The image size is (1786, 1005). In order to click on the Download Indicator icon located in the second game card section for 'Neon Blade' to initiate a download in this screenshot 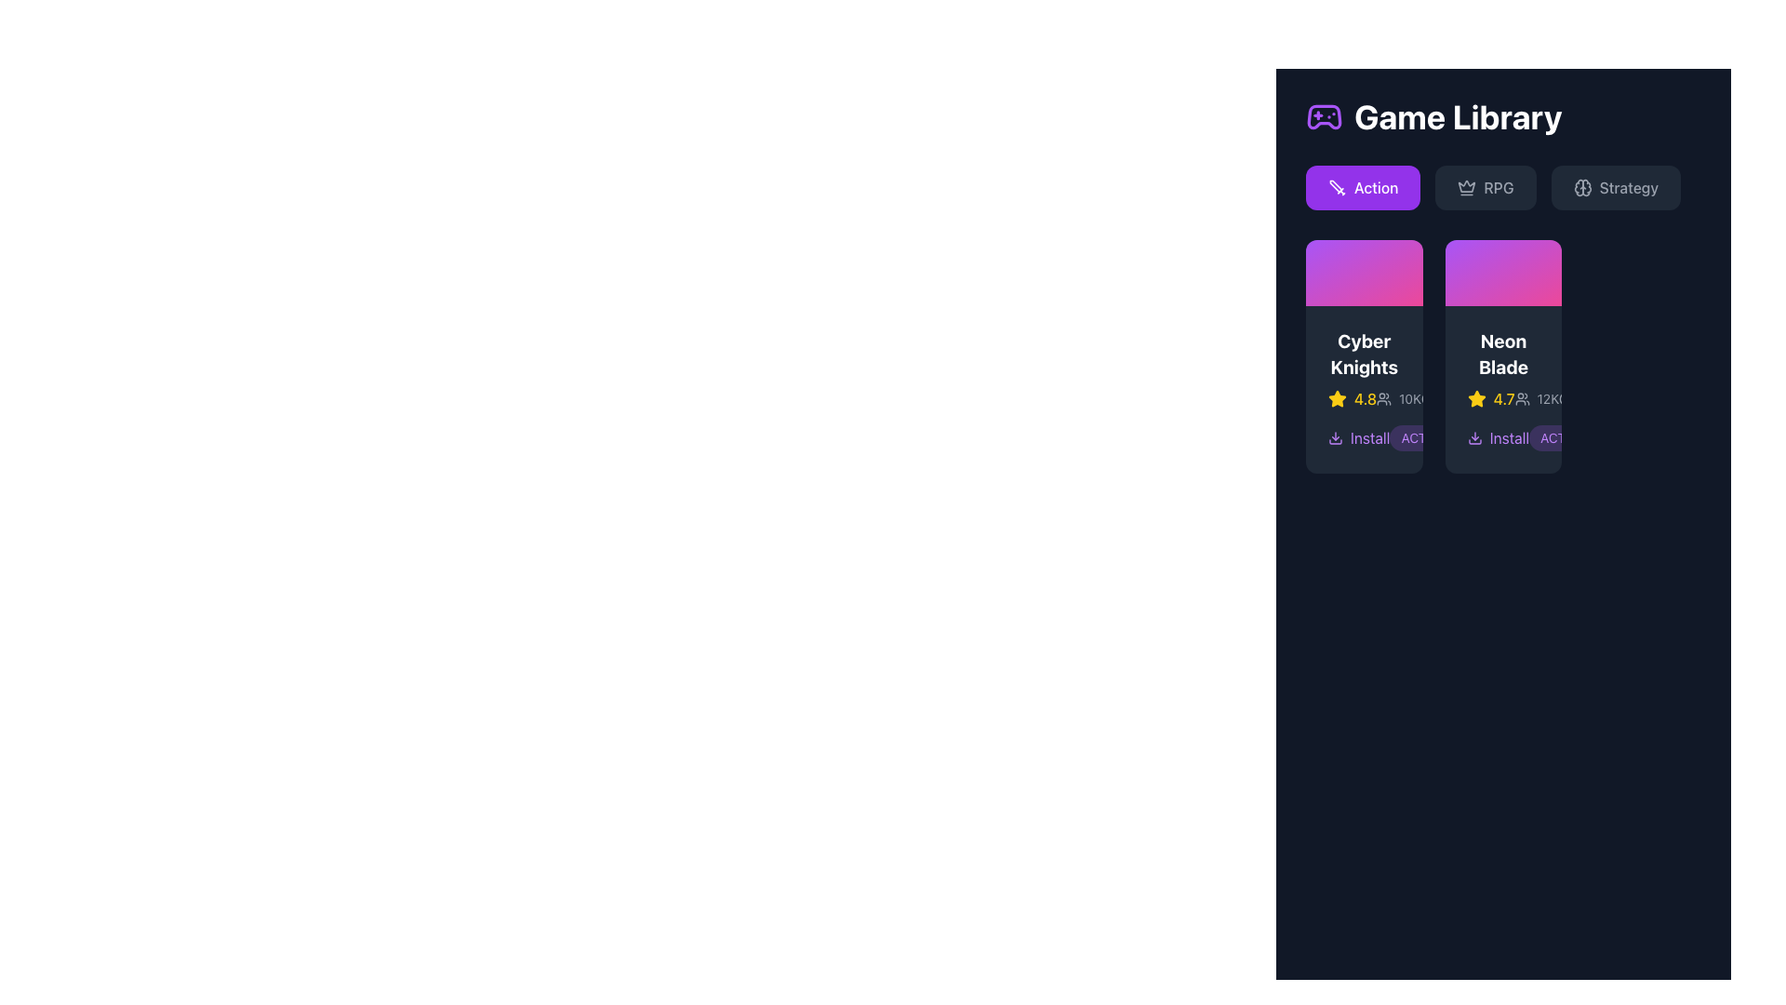, I will do `click(1473, 437)`.